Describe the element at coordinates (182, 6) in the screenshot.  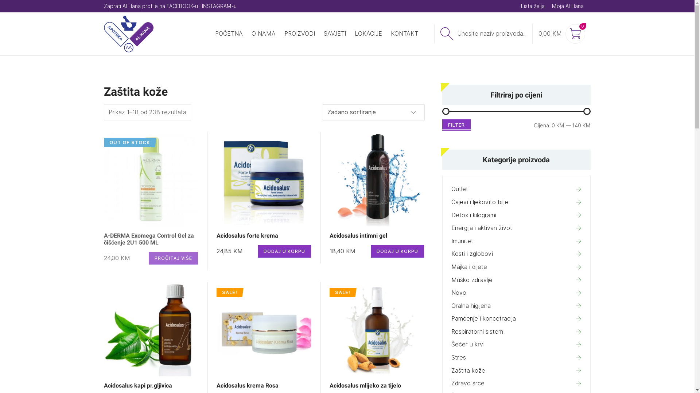
I see `'FACEBOOK-u'` at that location.